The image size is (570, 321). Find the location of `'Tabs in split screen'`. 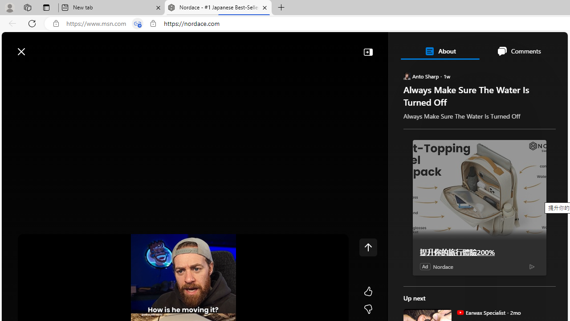

'Tabs in split screen' is located at coordinates (137, 23).